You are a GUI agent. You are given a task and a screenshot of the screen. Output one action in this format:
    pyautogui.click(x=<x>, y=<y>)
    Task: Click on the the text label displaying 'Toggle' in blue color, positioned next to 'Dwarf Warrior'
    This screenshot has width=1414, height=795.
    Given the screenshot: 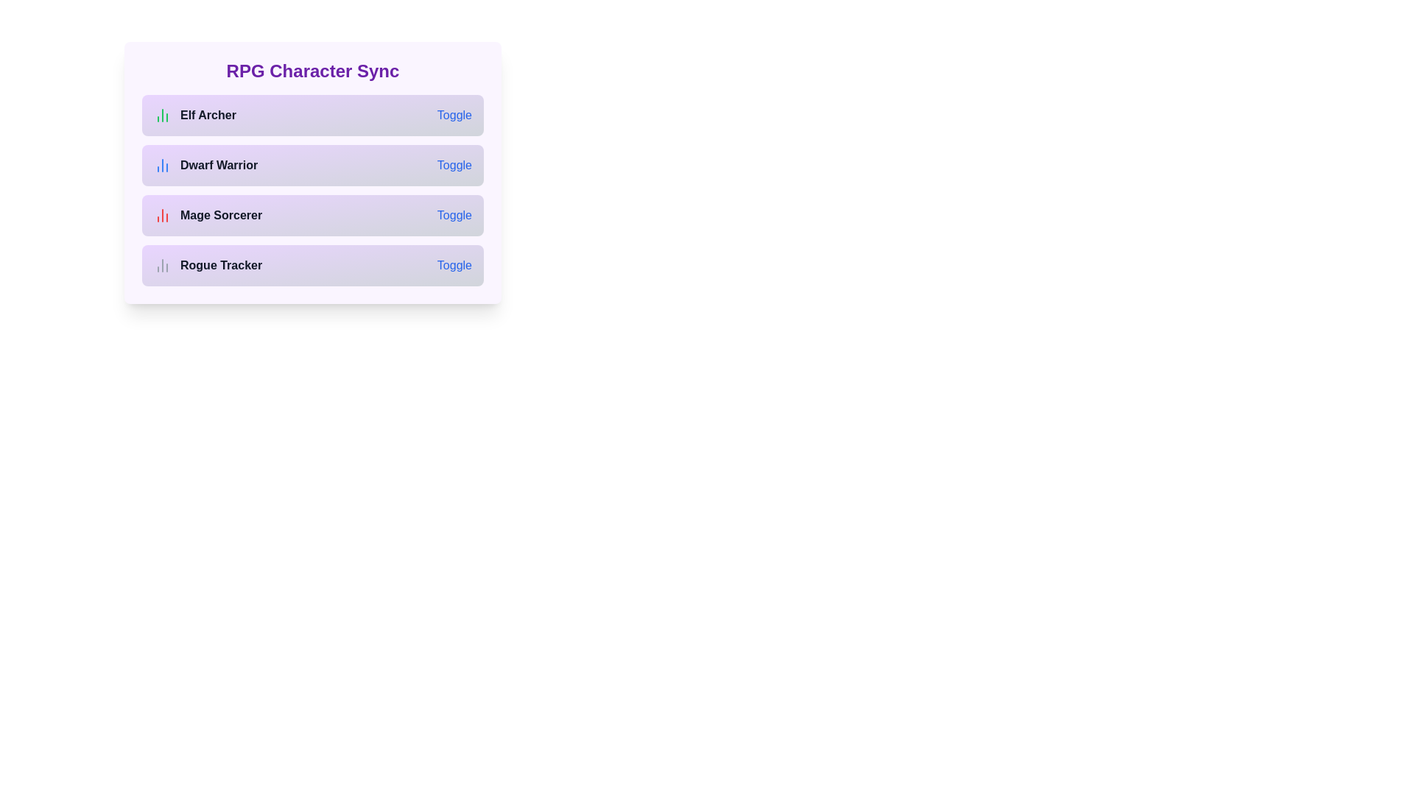 What is the action you would take?
    pyautogui.click(x=454, y=165)
    